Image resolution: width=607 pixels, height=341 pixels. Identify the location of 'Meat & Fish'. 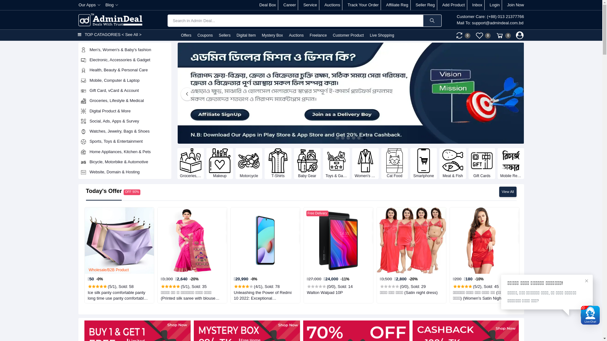
(452, 163).